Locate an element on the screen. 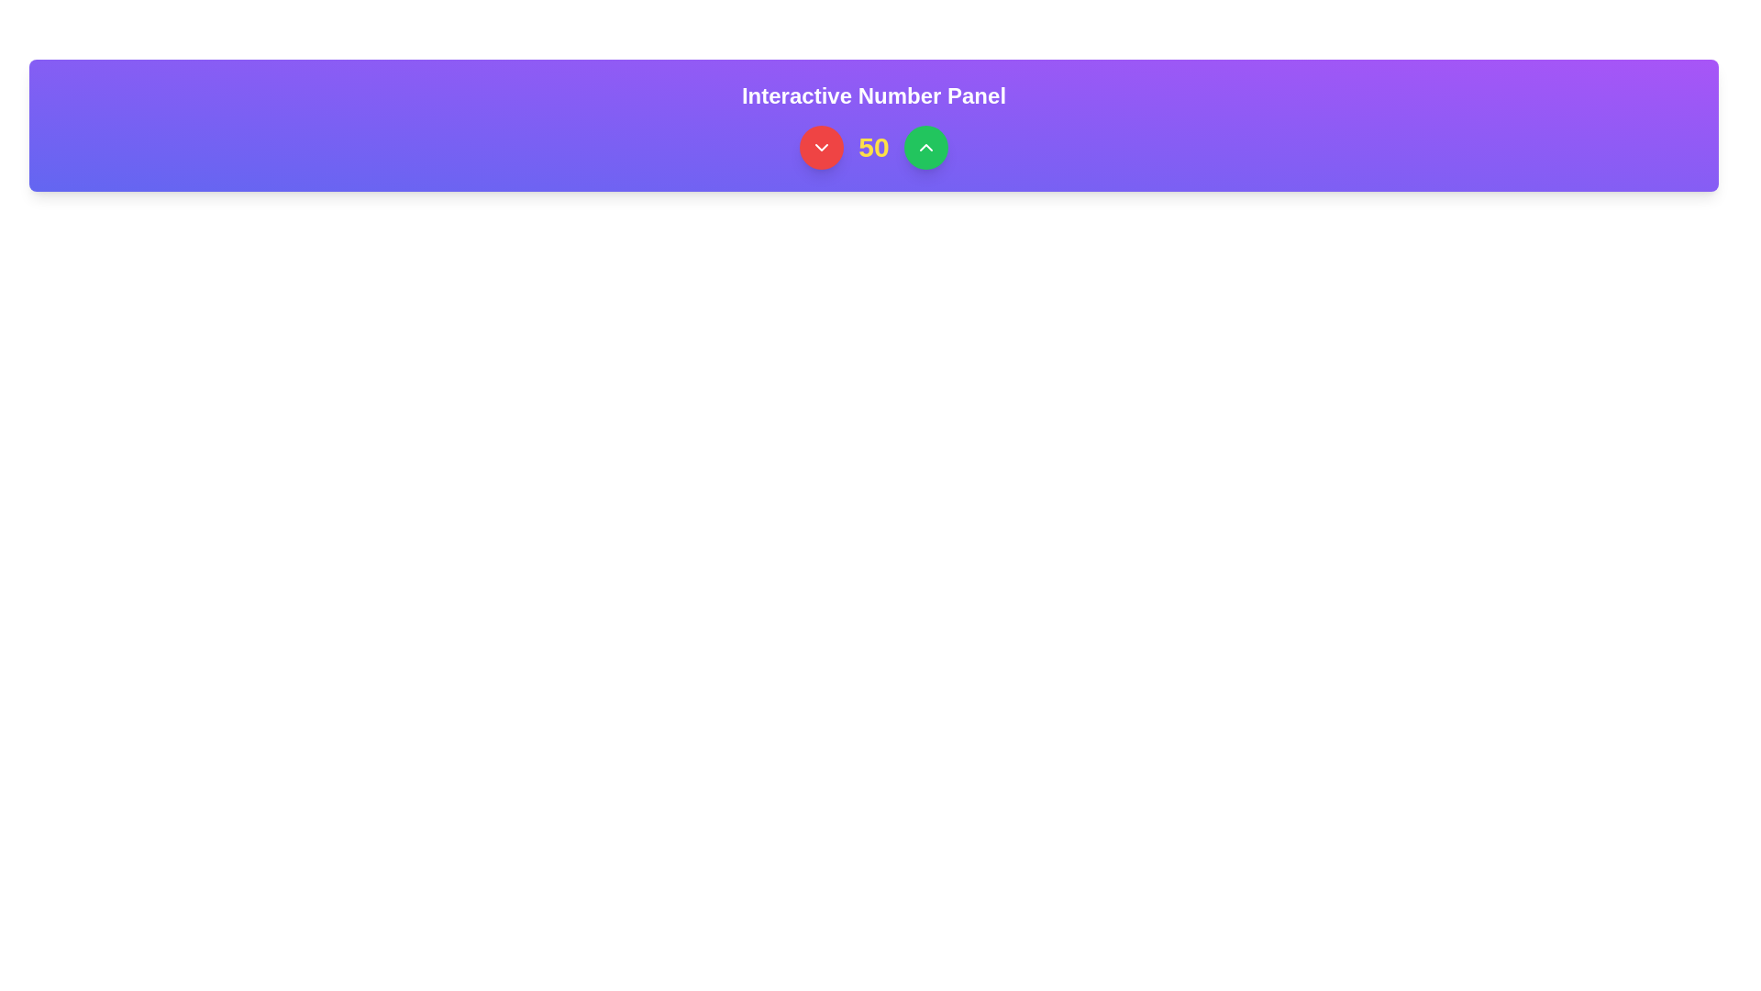 Image resolution: width=1761 pixels, height=991 pixels. the circular red button with a white downward-pointing chevron icon on the purple panel to observe the hover effect is located at coordinates (821, 147).